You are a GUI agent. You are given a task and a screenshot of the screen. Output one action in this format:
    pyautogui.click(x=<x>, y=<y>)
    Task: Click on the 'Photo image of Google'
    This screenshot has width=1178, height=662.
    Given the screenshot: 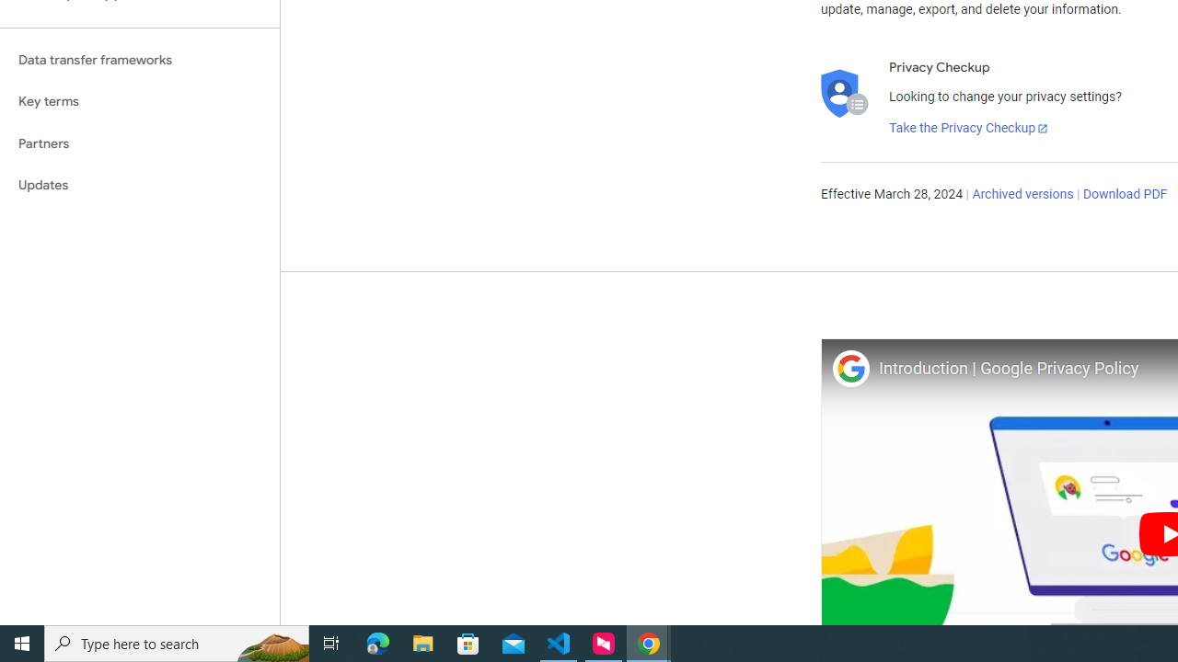 What is the action you would take?
    pyautogui.click(x=849, y=368)
    